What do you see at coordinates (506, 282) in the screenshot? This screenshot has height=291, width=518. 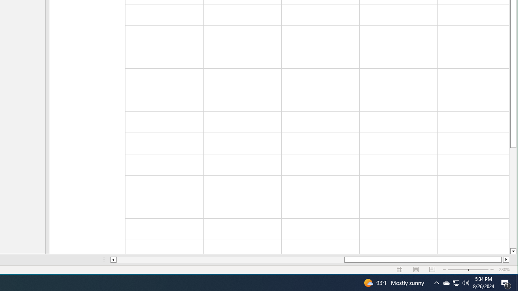 I see `'Action Center, 1 new notification'` at bounding box center [506, 282].